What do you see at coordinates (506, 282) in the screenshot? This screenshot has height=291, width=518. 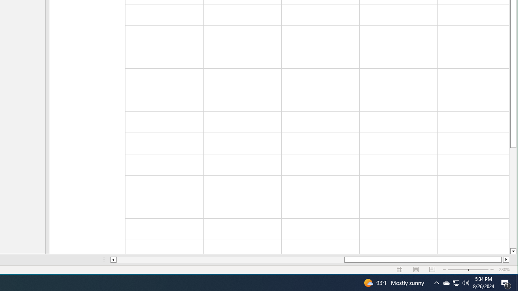 I see `'Action Center, 1 new notification'` at bounding box center [506, 282].